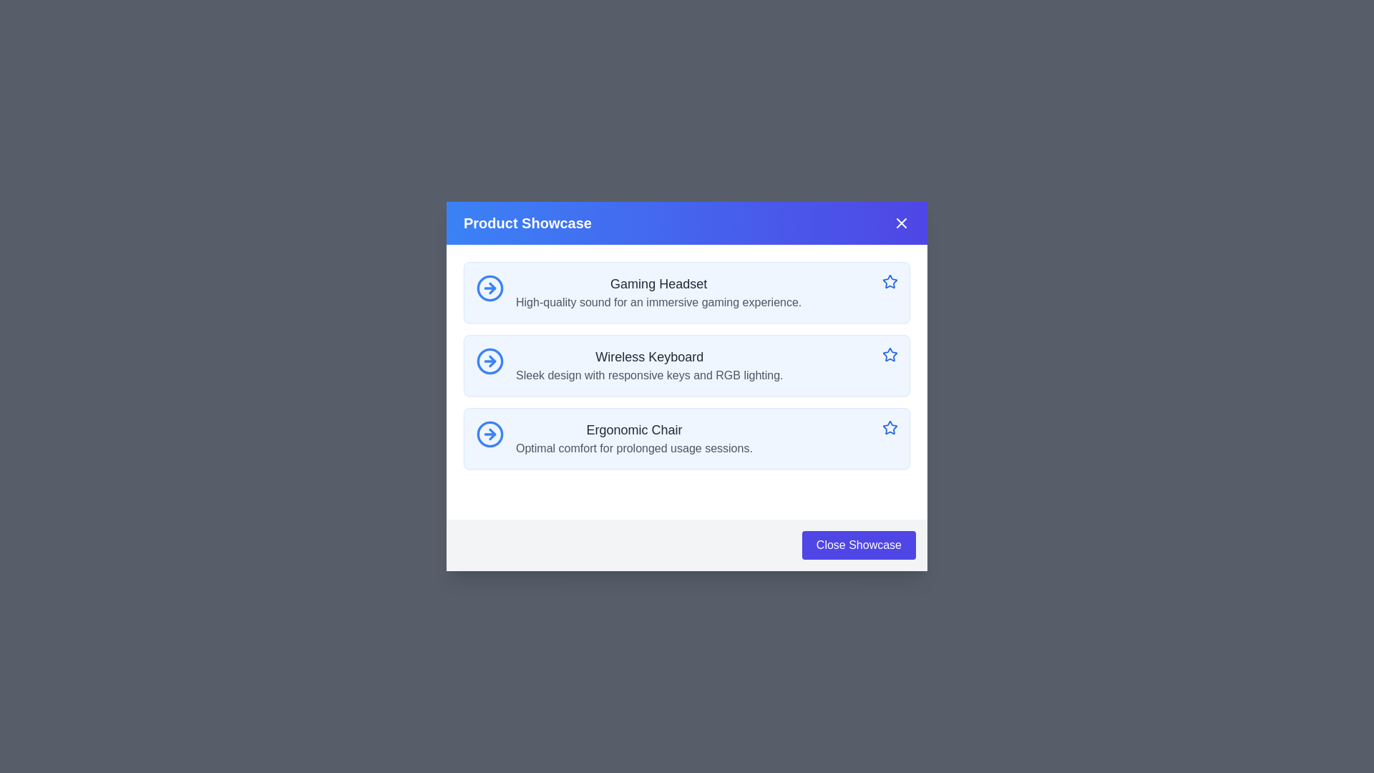  Describe the element at coordinates (889, 354) in the screenshot. I see `the icon button located at the rightmost position of the 'Wireless Keyboard' row` at that location.